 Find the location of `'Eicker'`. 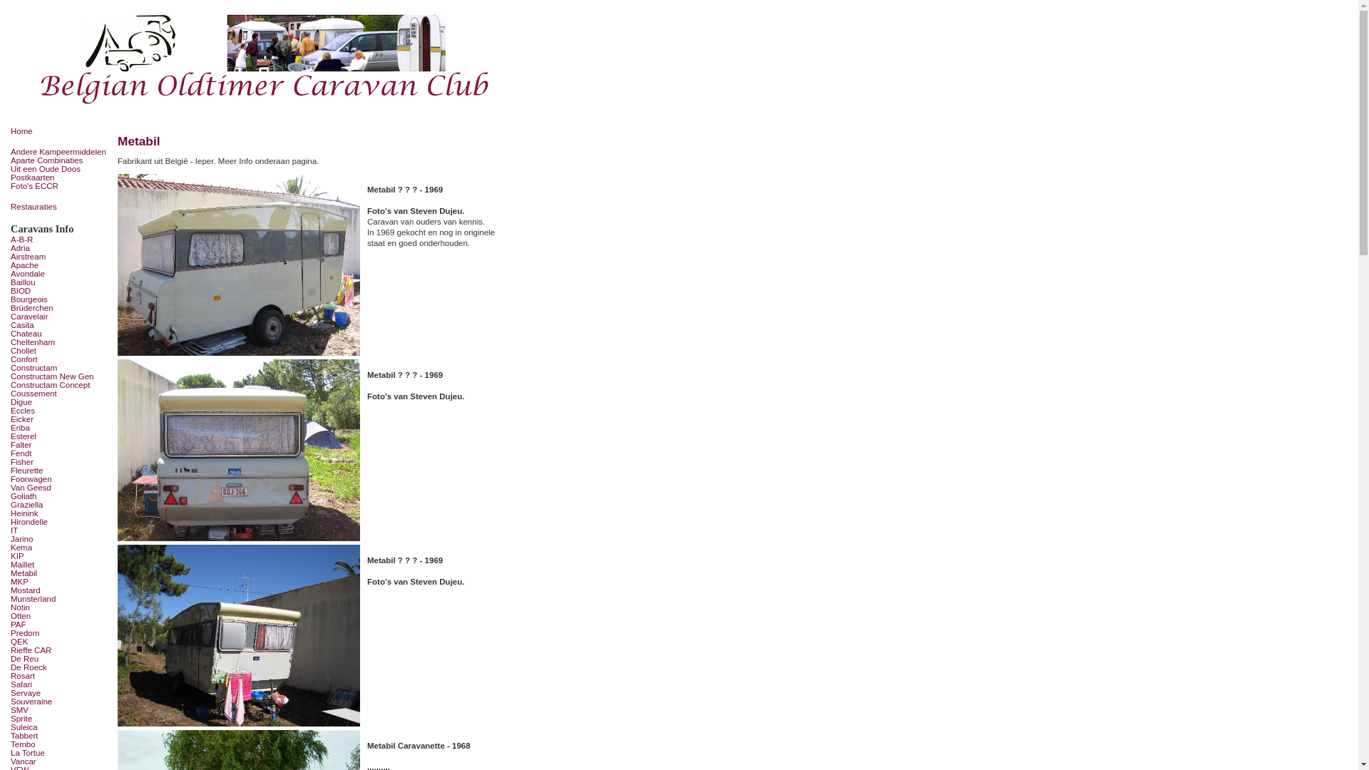

'Eicker' is located at coordinates (60, 418).